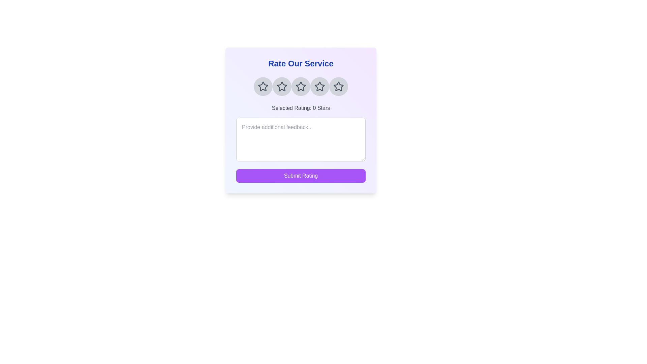 The width and height of the screenshot is (647, 364). Describe the element at coordinates (338, 86) in the screenshot. I see `the star corresponding to 5 to preview the rating` at that location.